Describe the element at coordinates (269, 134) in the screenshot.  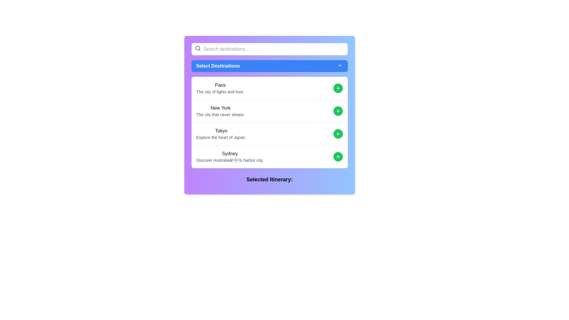
I see `the third list item displaying 'Tokyo' with a green circular button on its right side, positioned between 'New York' and 'Sydney' in a vertical list` at that location.